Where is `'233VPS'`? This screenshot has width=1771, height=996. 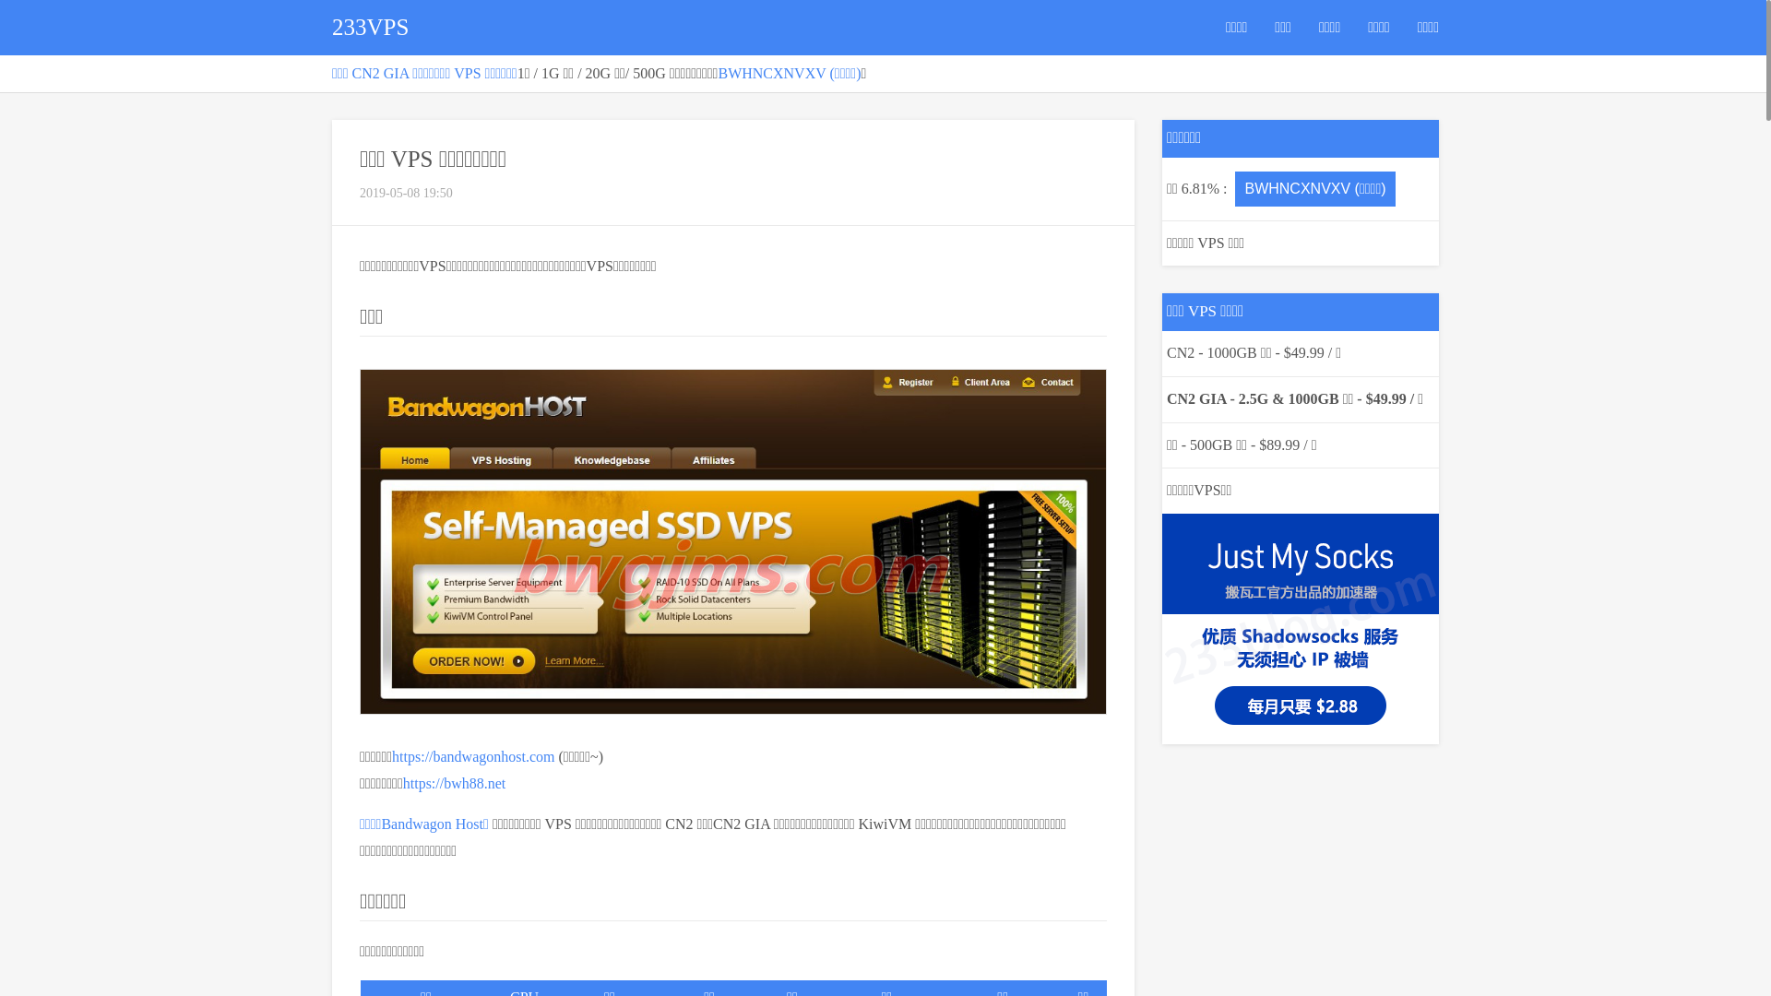
'233VPS' is located at coordinates (369, 28).